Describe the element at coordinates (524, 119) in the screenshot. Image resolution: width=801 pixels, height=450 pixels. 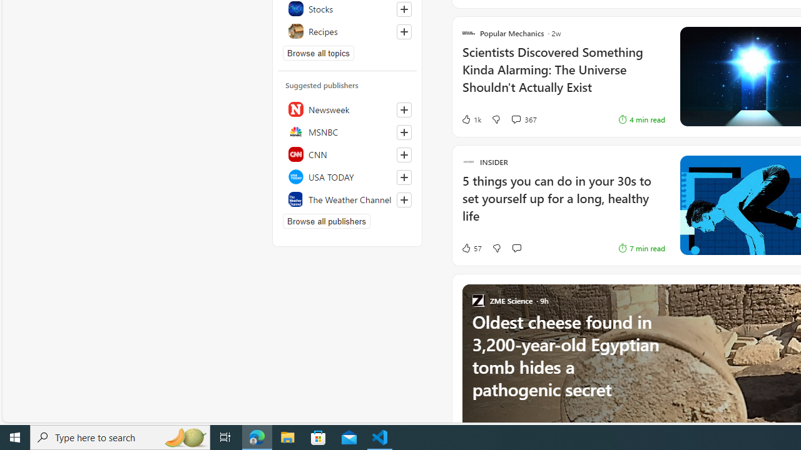
I see `'View comments 367 Comment'` at that location.